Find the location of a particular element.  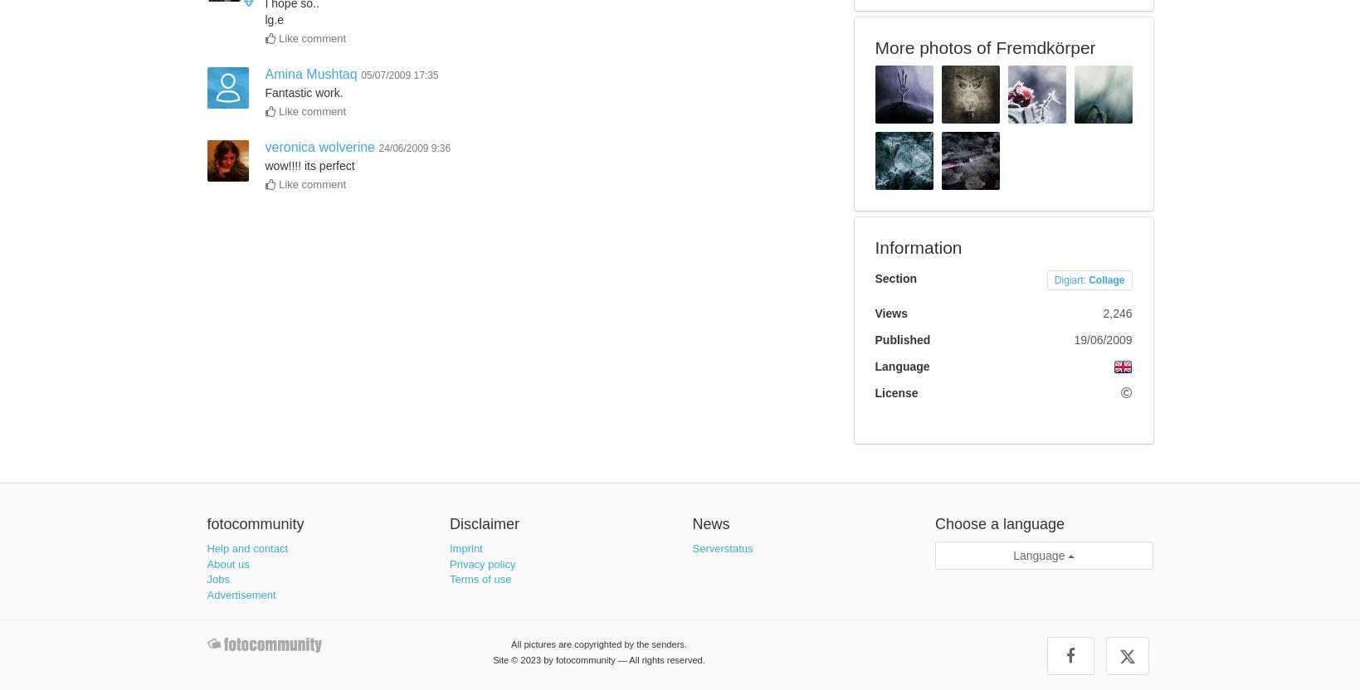

'Help and contact' is located at coordinates (205, 547).